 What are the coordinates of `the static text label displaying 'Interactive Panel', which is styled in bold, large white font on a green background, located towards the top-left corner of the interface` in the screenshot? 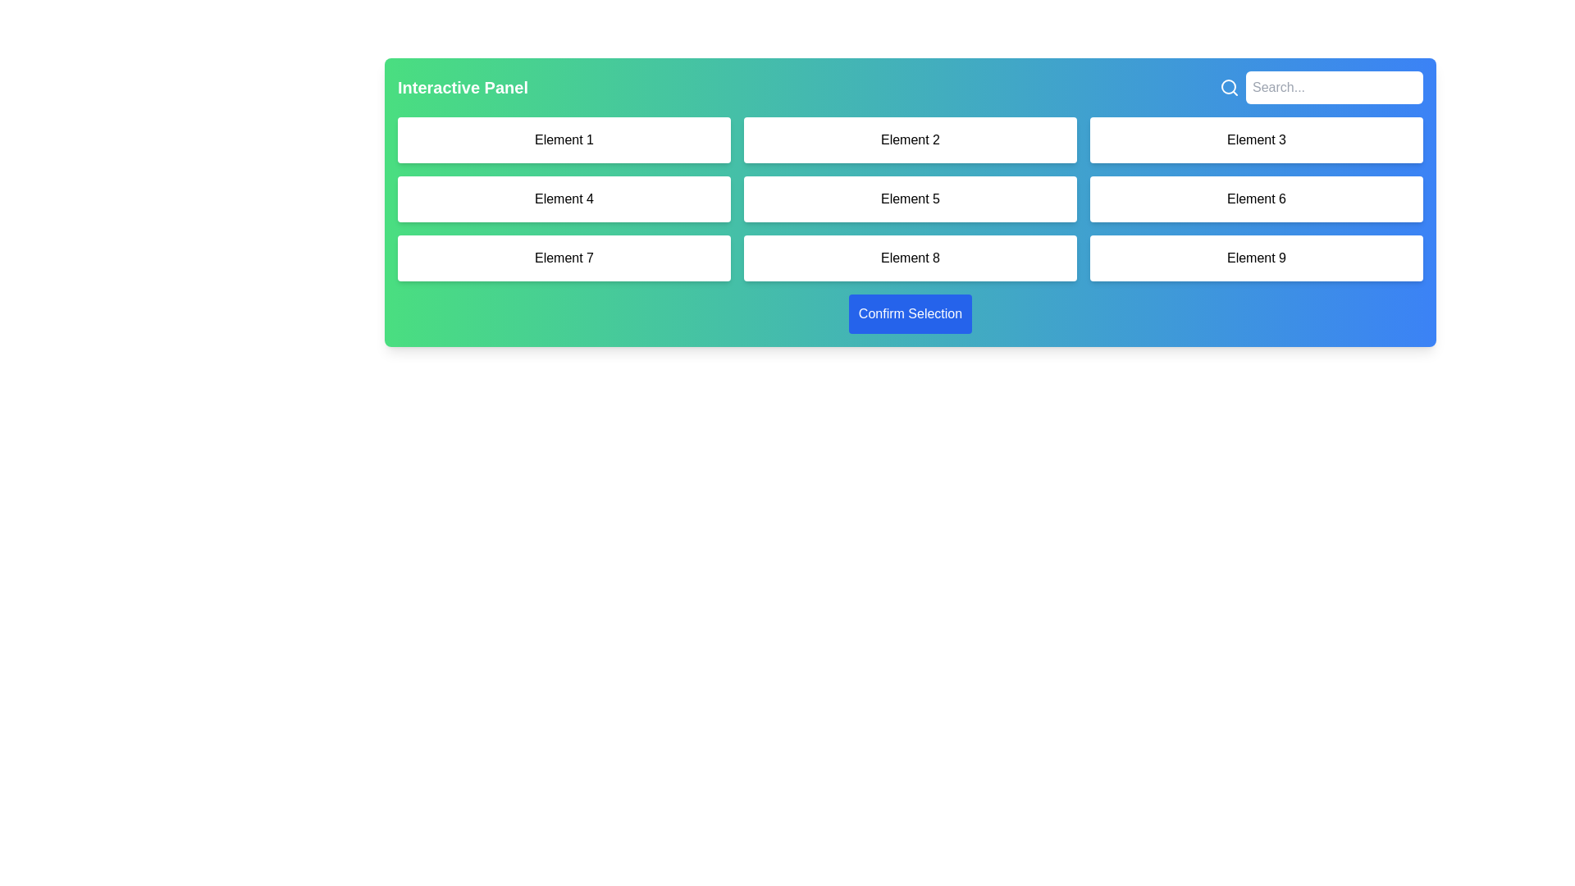 It's located at (462, 88).